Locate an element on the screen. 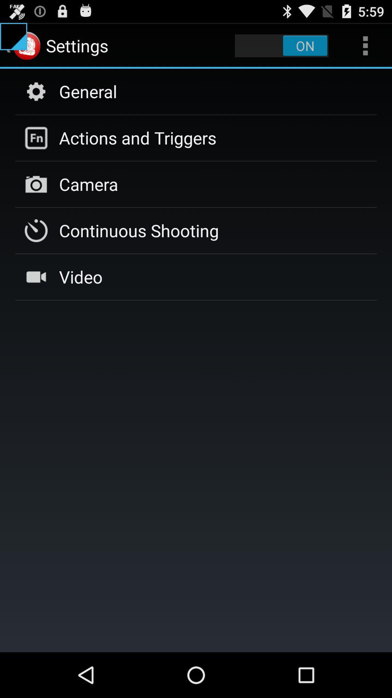  app to the right of settings is located at coordinates (281, 45).